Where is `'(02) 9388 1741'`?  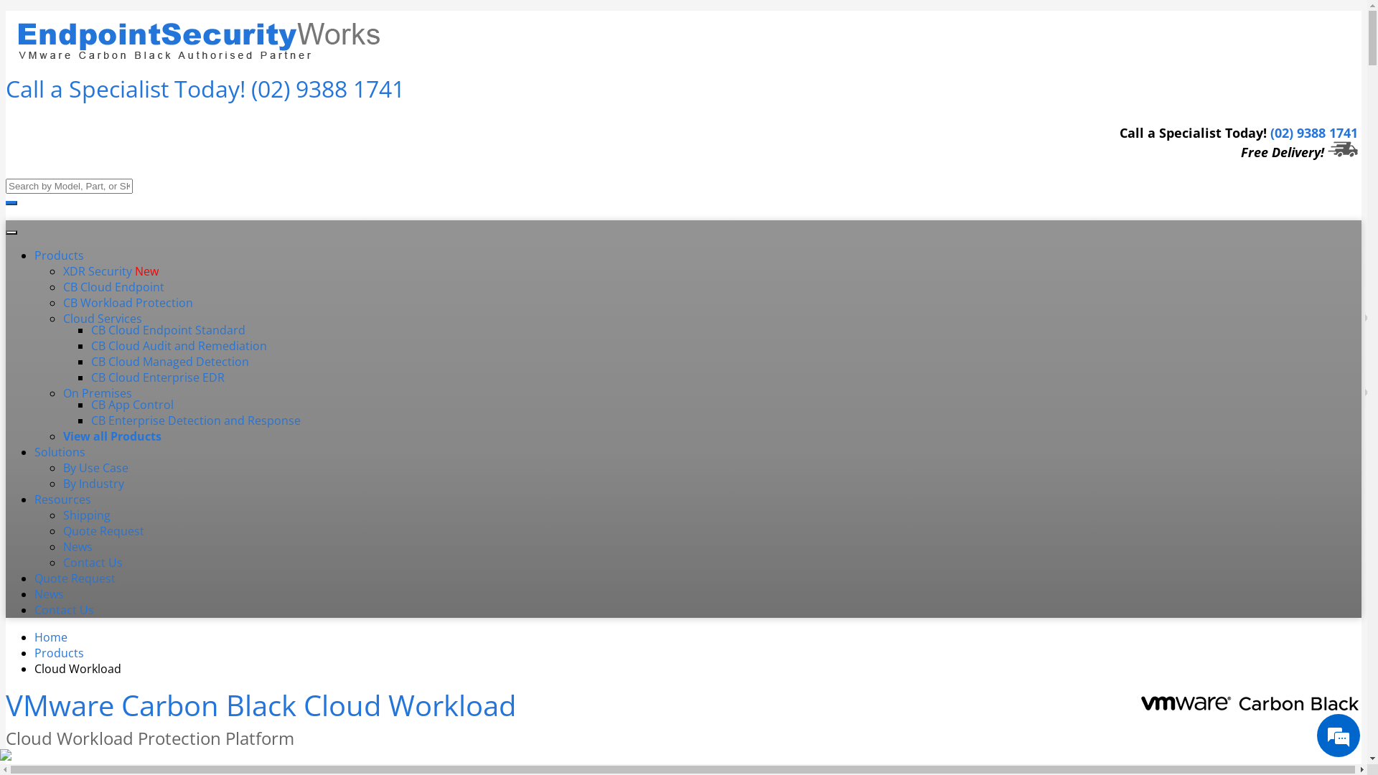 '(02) 9388 1741' is located at coordinates (1313, 133).